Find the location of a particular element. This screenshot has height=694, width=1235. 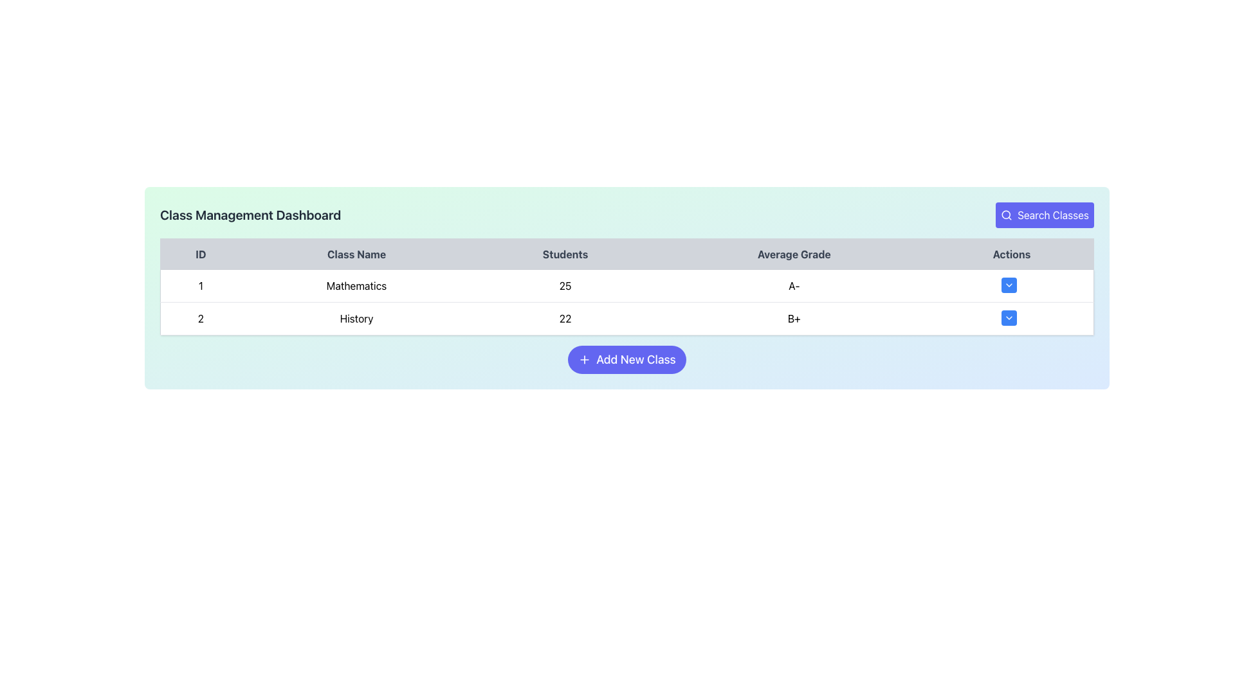

the dropdown button with a blue background and white text in the 'Actions' column of the 'Mathematics' row is located at coordinates (1008, 284).